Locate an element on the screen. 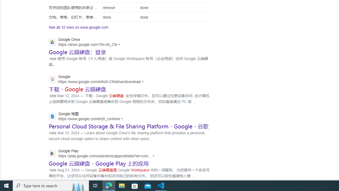  'Actions for this site' is located at coordinates (154, 155).